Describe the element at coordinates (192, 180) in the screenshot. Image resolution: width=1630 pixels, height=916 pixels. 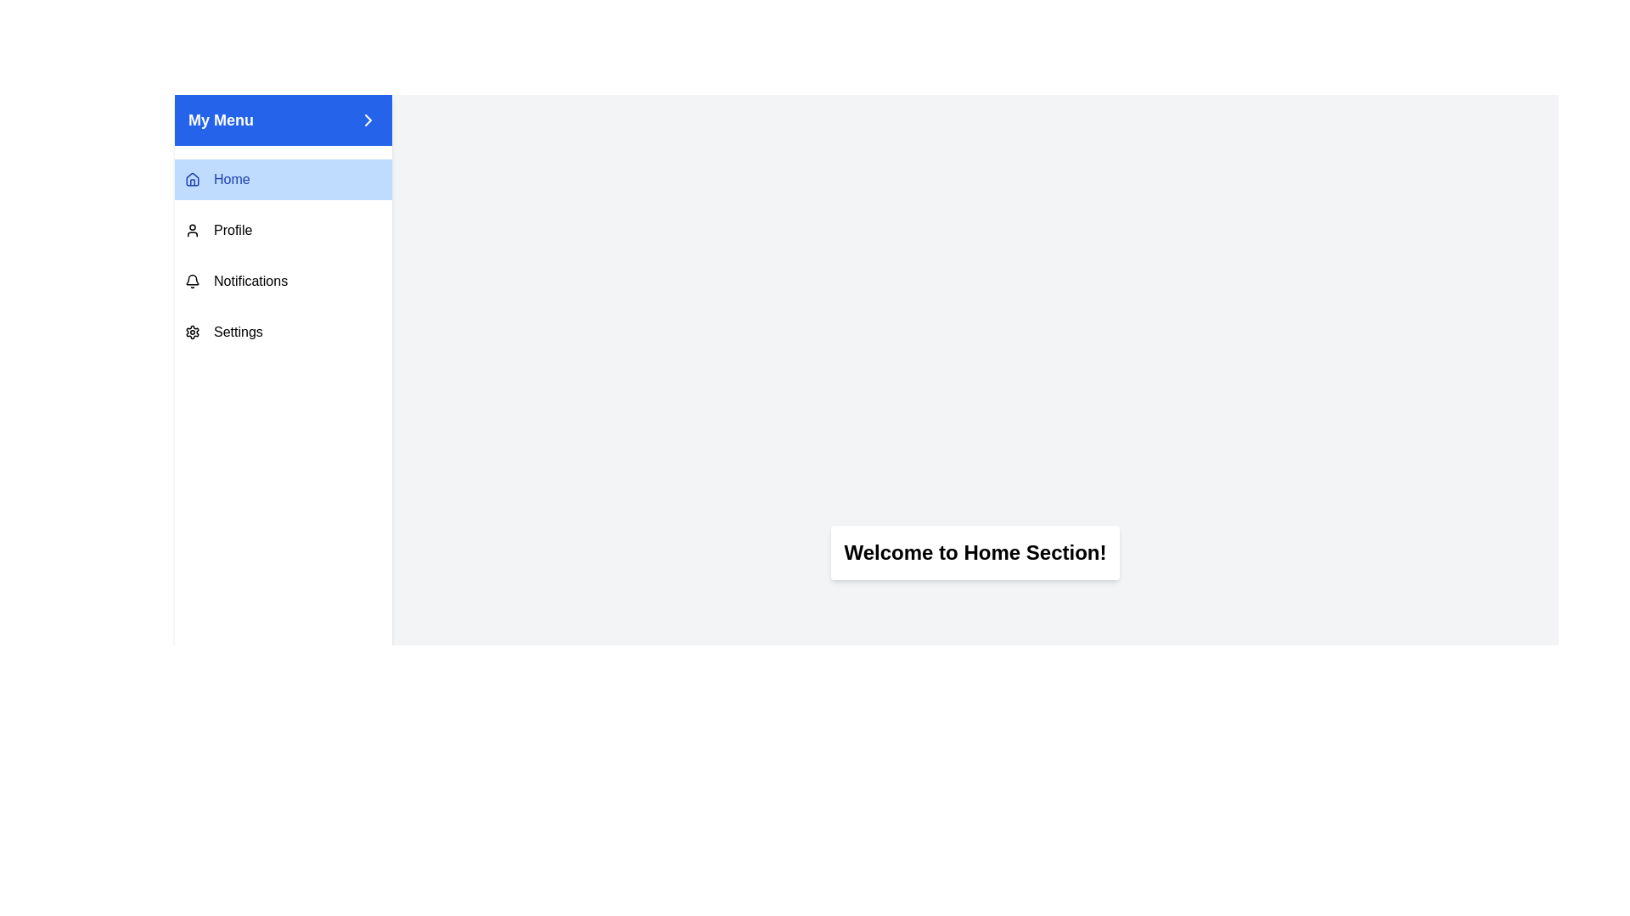
I see `the 'Home' navigation icon` at that location.